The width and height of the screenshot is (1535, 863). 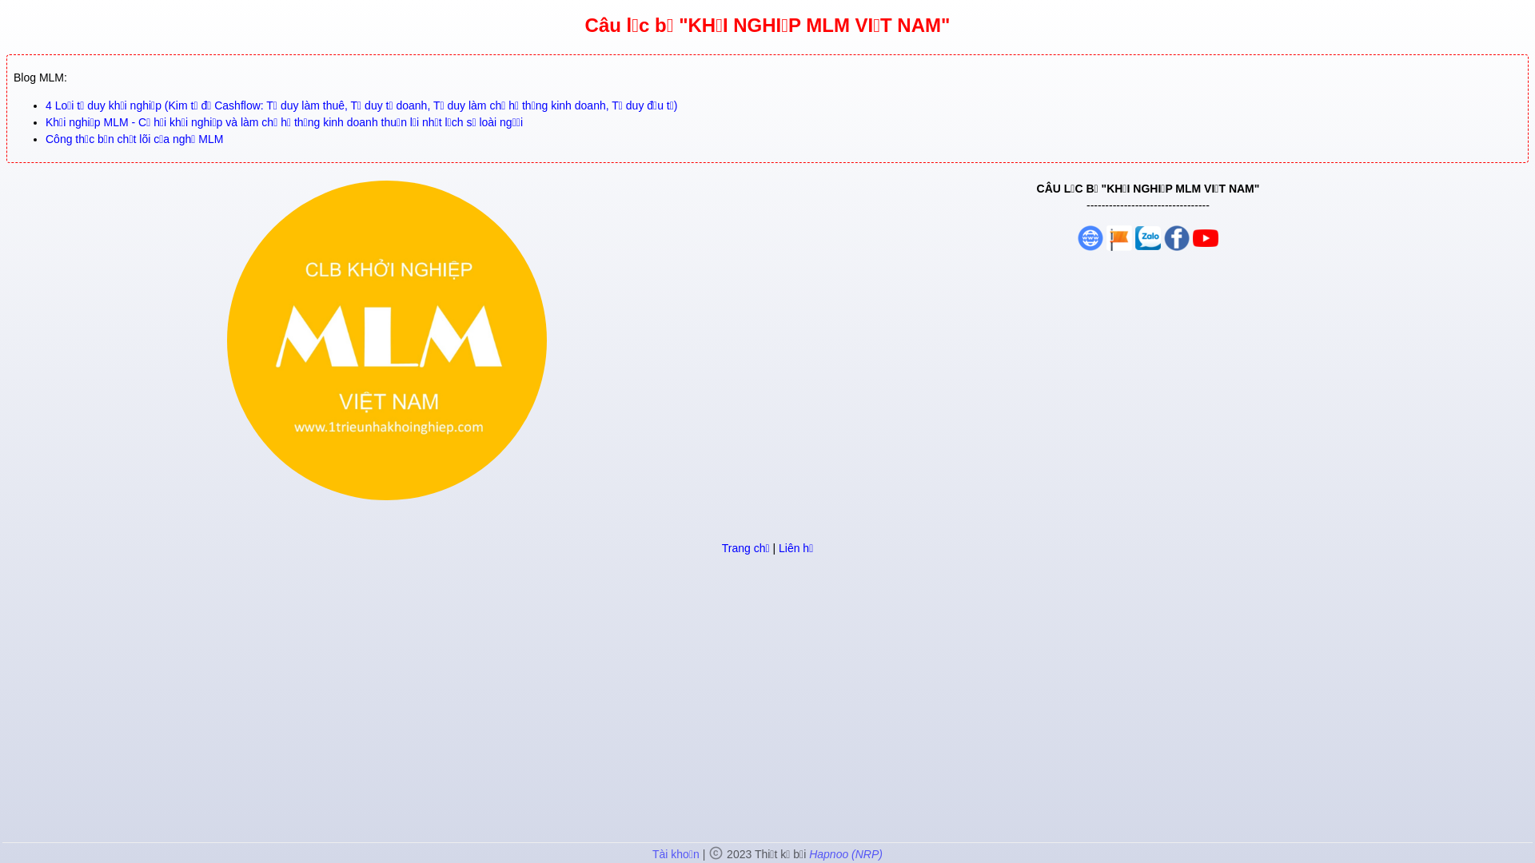 I want to click on 'Group Facebook', so click(x=1177, y=237).